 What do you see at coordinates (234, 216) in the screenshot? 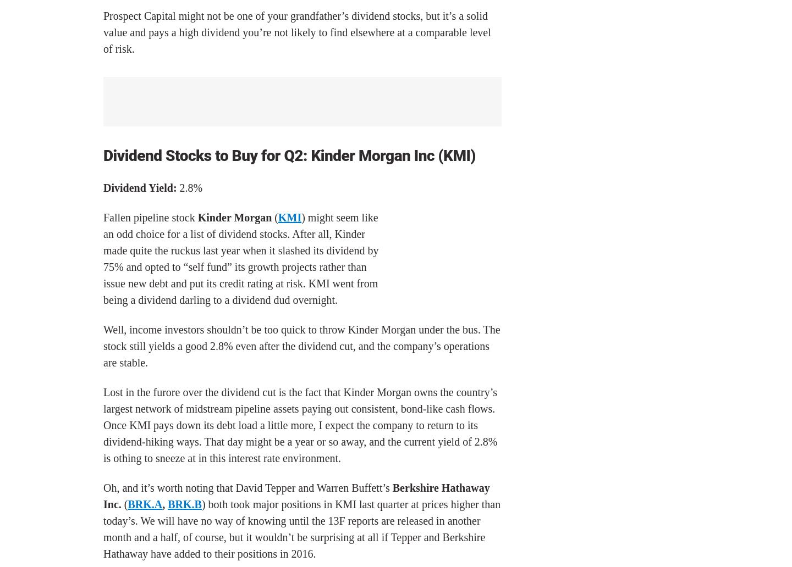
I see `'Kinder Morgan'` at bounding box center [234, 216].